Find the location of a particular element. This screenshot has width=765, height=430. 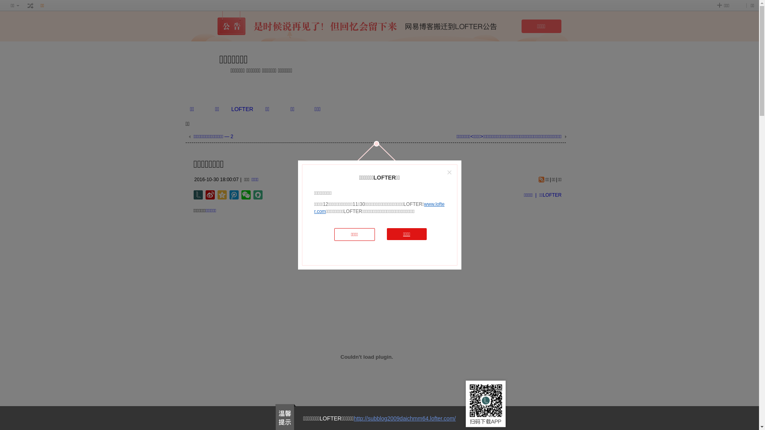

'www.lofter.com' is located at coordinates (379, 207).